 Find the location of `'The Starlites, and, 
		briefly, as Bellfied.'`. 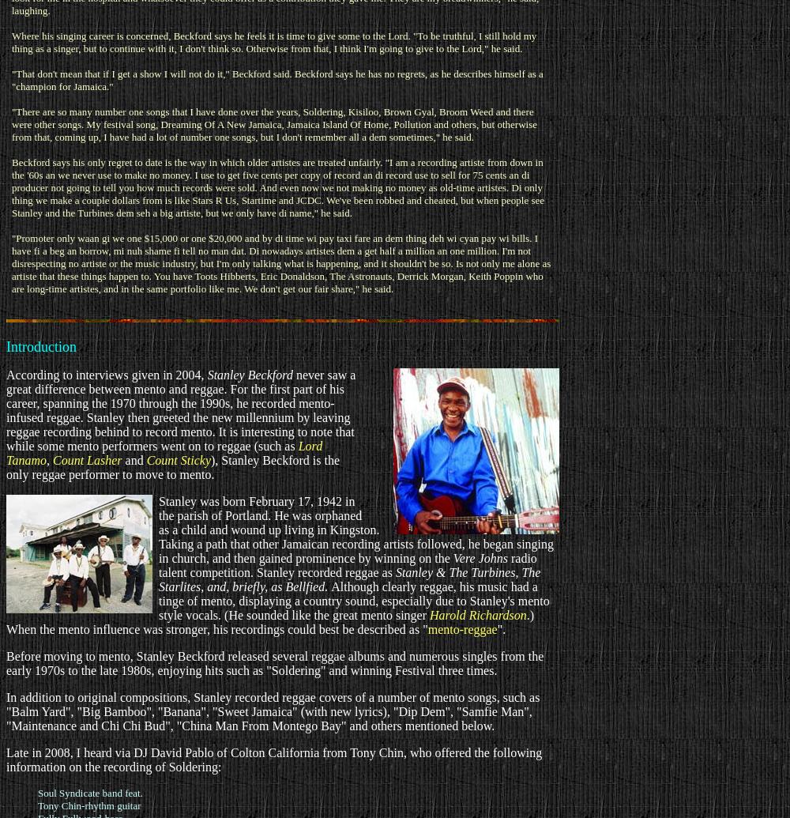

'The Starlites, and, 
		briefly, as Bellfied.' is located at coordinates (348, 579).